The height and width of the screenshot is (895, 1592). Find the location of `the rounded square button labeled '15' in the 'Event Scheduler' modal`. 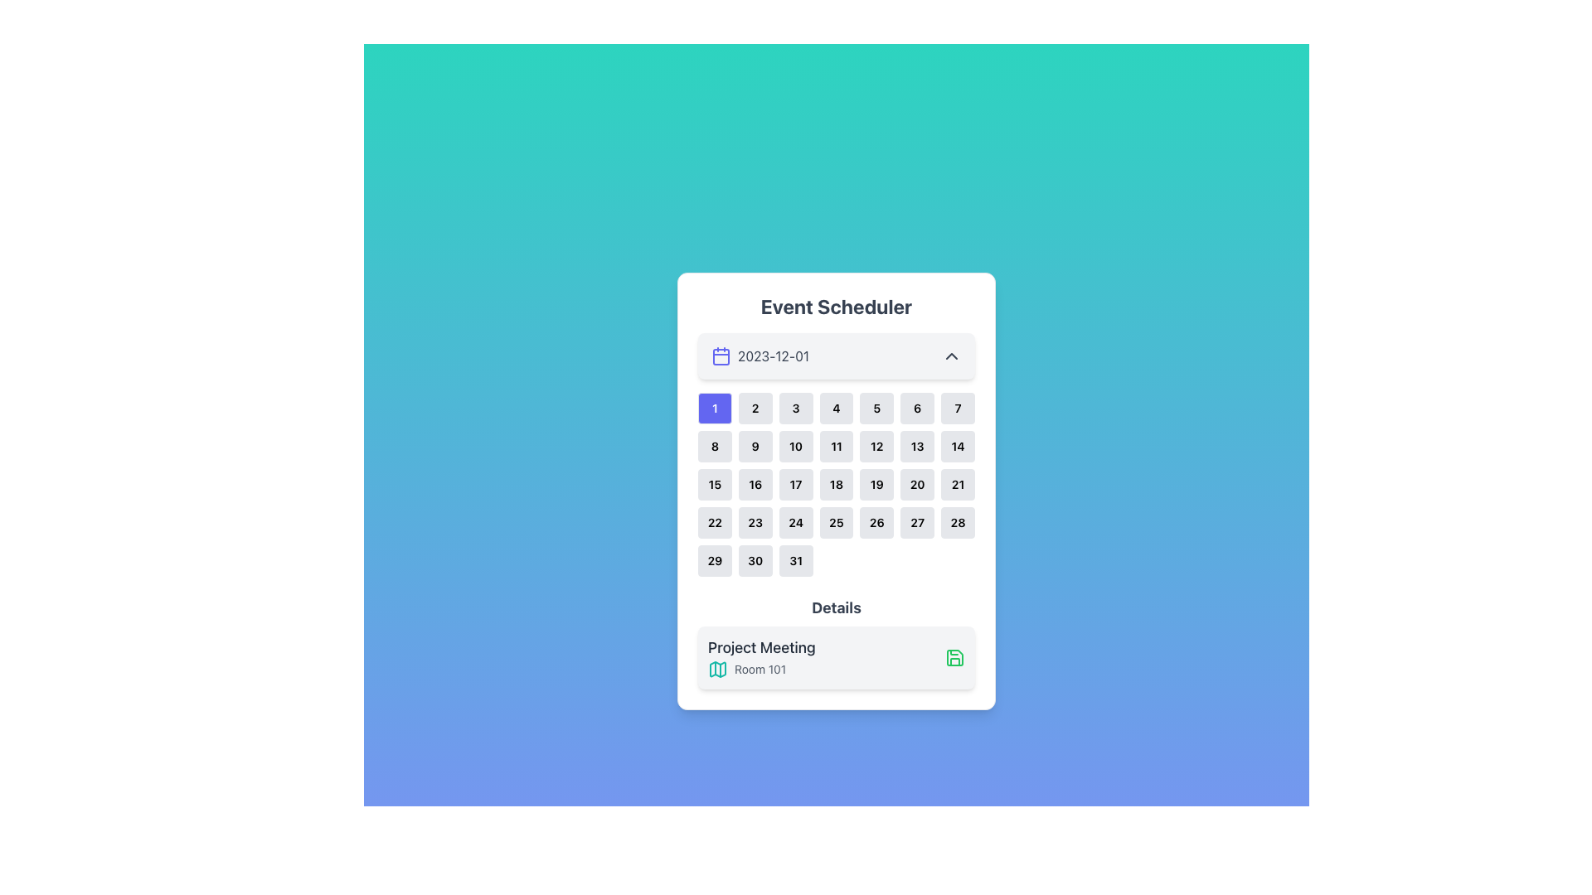

the rounded square button labeled '15' in the 'Event Scheduler' modal is located at coordinates (715, 485).